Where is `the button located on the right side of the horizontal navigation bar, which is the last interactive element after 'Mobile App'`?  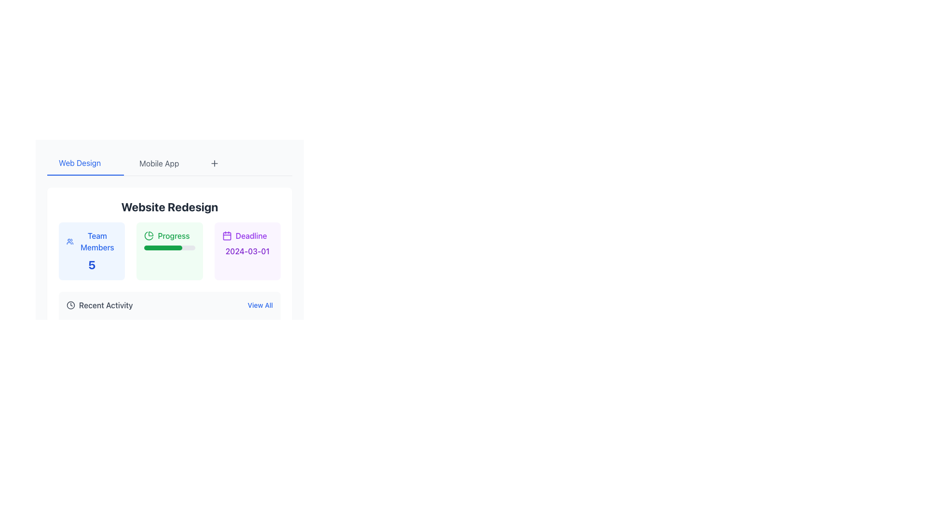
the button located on the right side of the horizontal navigation bar, which is the last interactive element after 'Mobile App' is located at coordinates (214, 163).